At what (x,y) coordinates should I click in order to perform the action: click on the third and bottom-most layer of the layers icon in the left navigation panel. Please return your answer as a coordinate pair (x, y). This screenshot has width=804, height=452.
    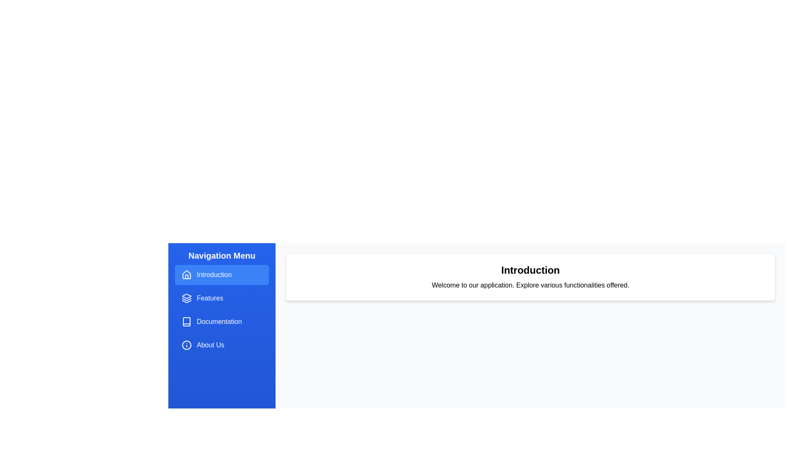
    Looking at the image, I should click on (186, 301).